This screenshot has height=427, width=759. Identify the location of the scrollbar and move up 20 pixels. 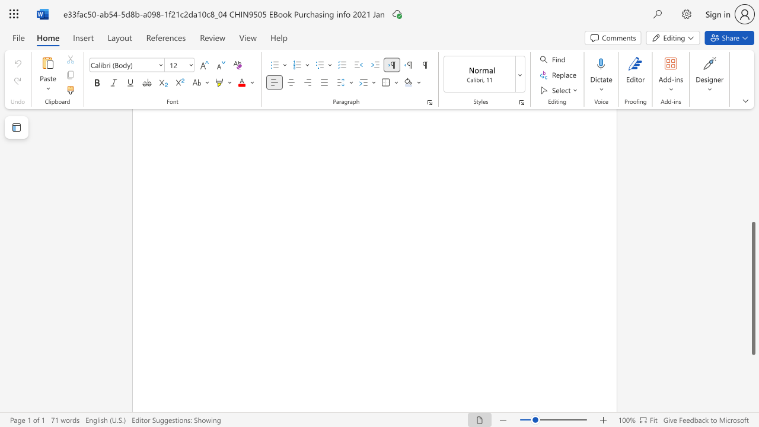
(752, 288).